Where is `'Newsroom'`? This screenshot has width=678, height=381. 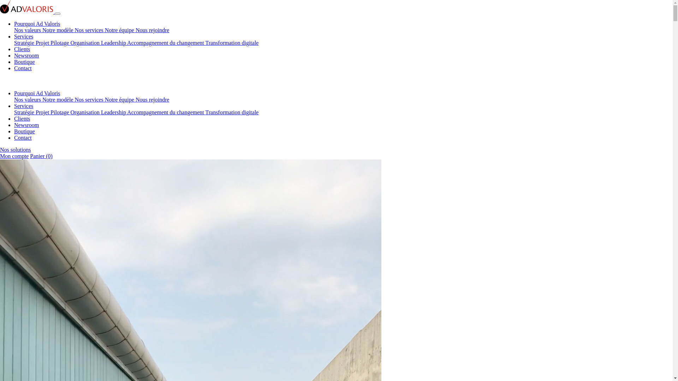 'Newsroom' is located at coordinates (26, 125).